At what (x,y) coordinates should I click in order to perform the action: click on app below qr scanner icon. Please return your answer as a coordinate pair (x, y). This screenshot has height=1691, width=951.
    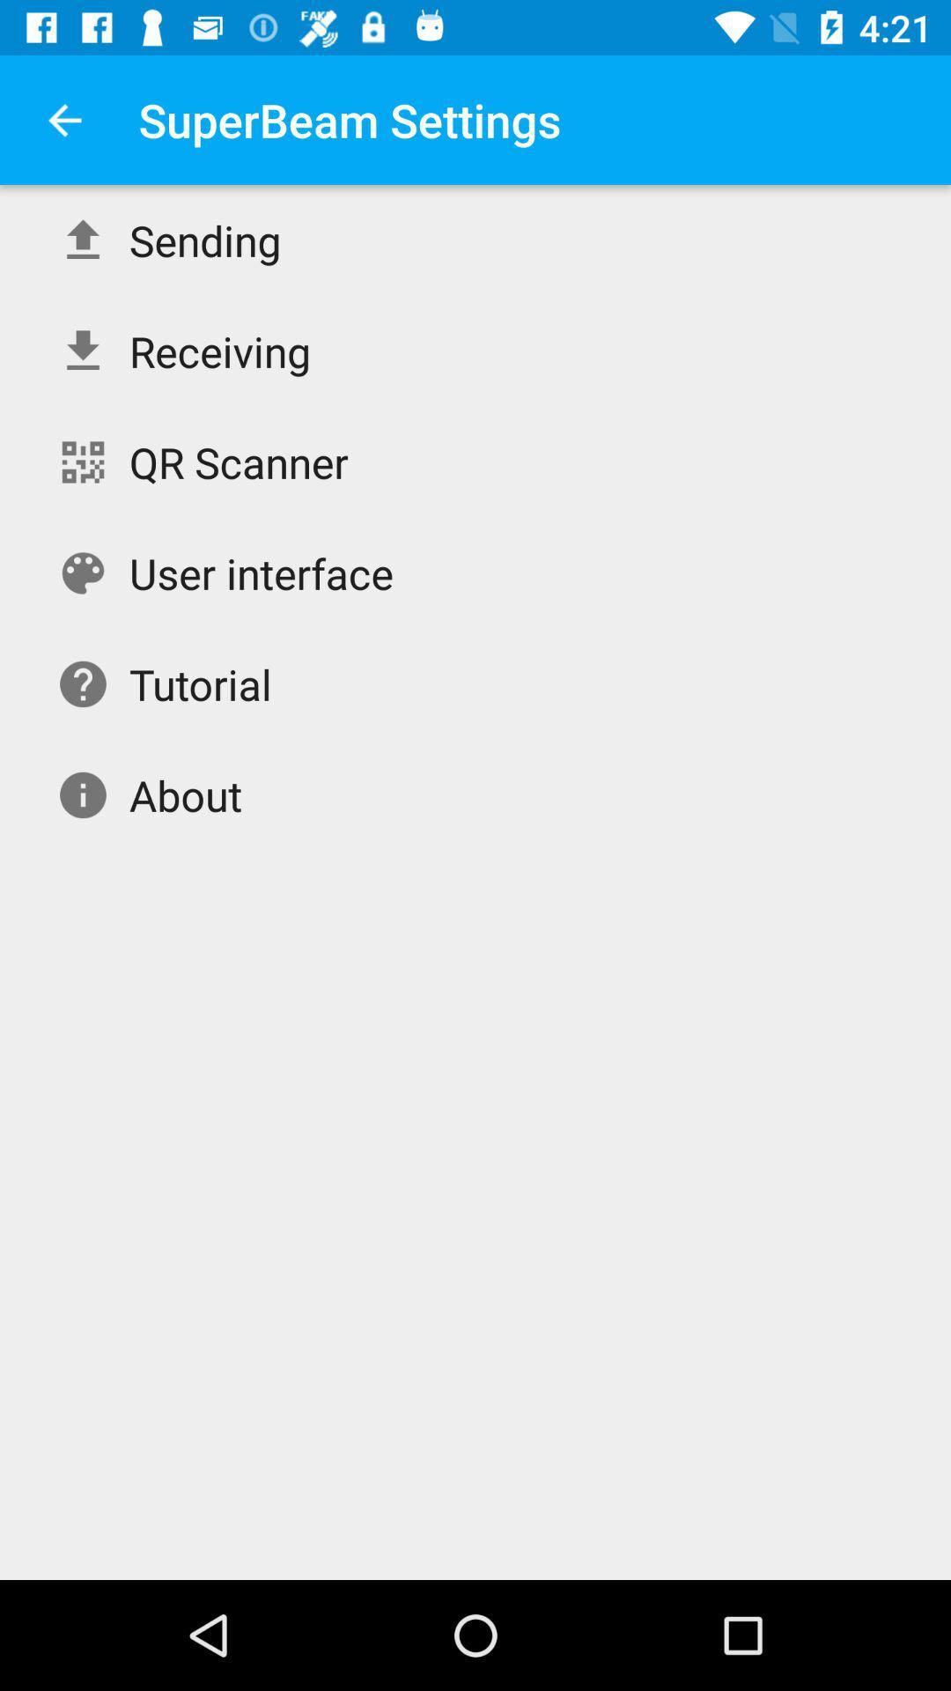
    Looking at the image, I should click on (262, 573).